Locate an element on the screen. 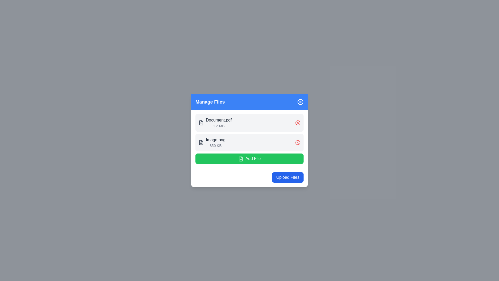  file size displayed in the text label beneath the 'Image.png' file in the file management interface is located at coordinates (215, 145).